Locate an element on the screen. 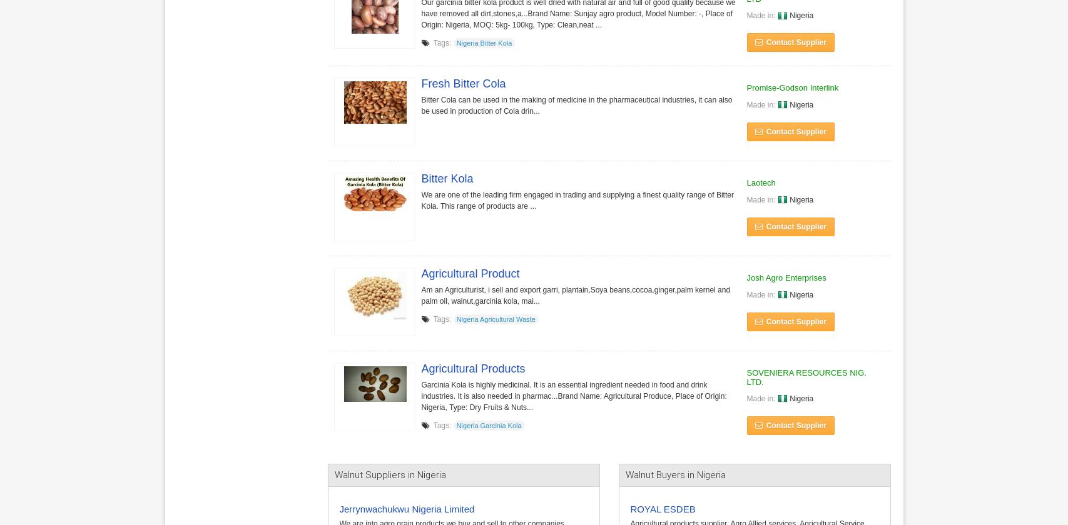  'Nigeria Agricultural Waste' is located at coordinates (496, 318).